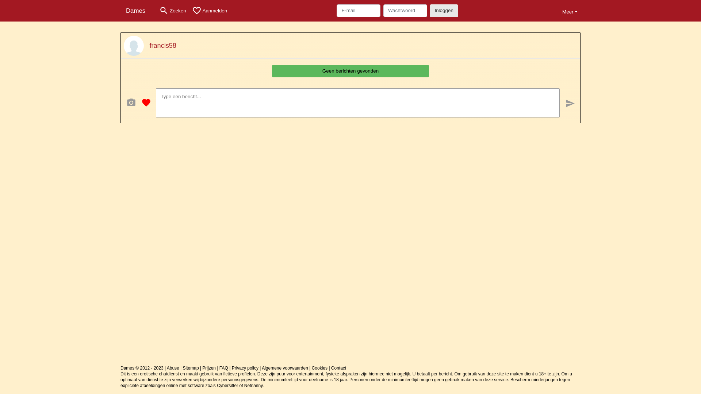 The width and height of the screenshot is (701, 394). What do you see at coordinates (209, 11) in the screenshot?
I see `'favorite_border` at bounding box center [209, 11].